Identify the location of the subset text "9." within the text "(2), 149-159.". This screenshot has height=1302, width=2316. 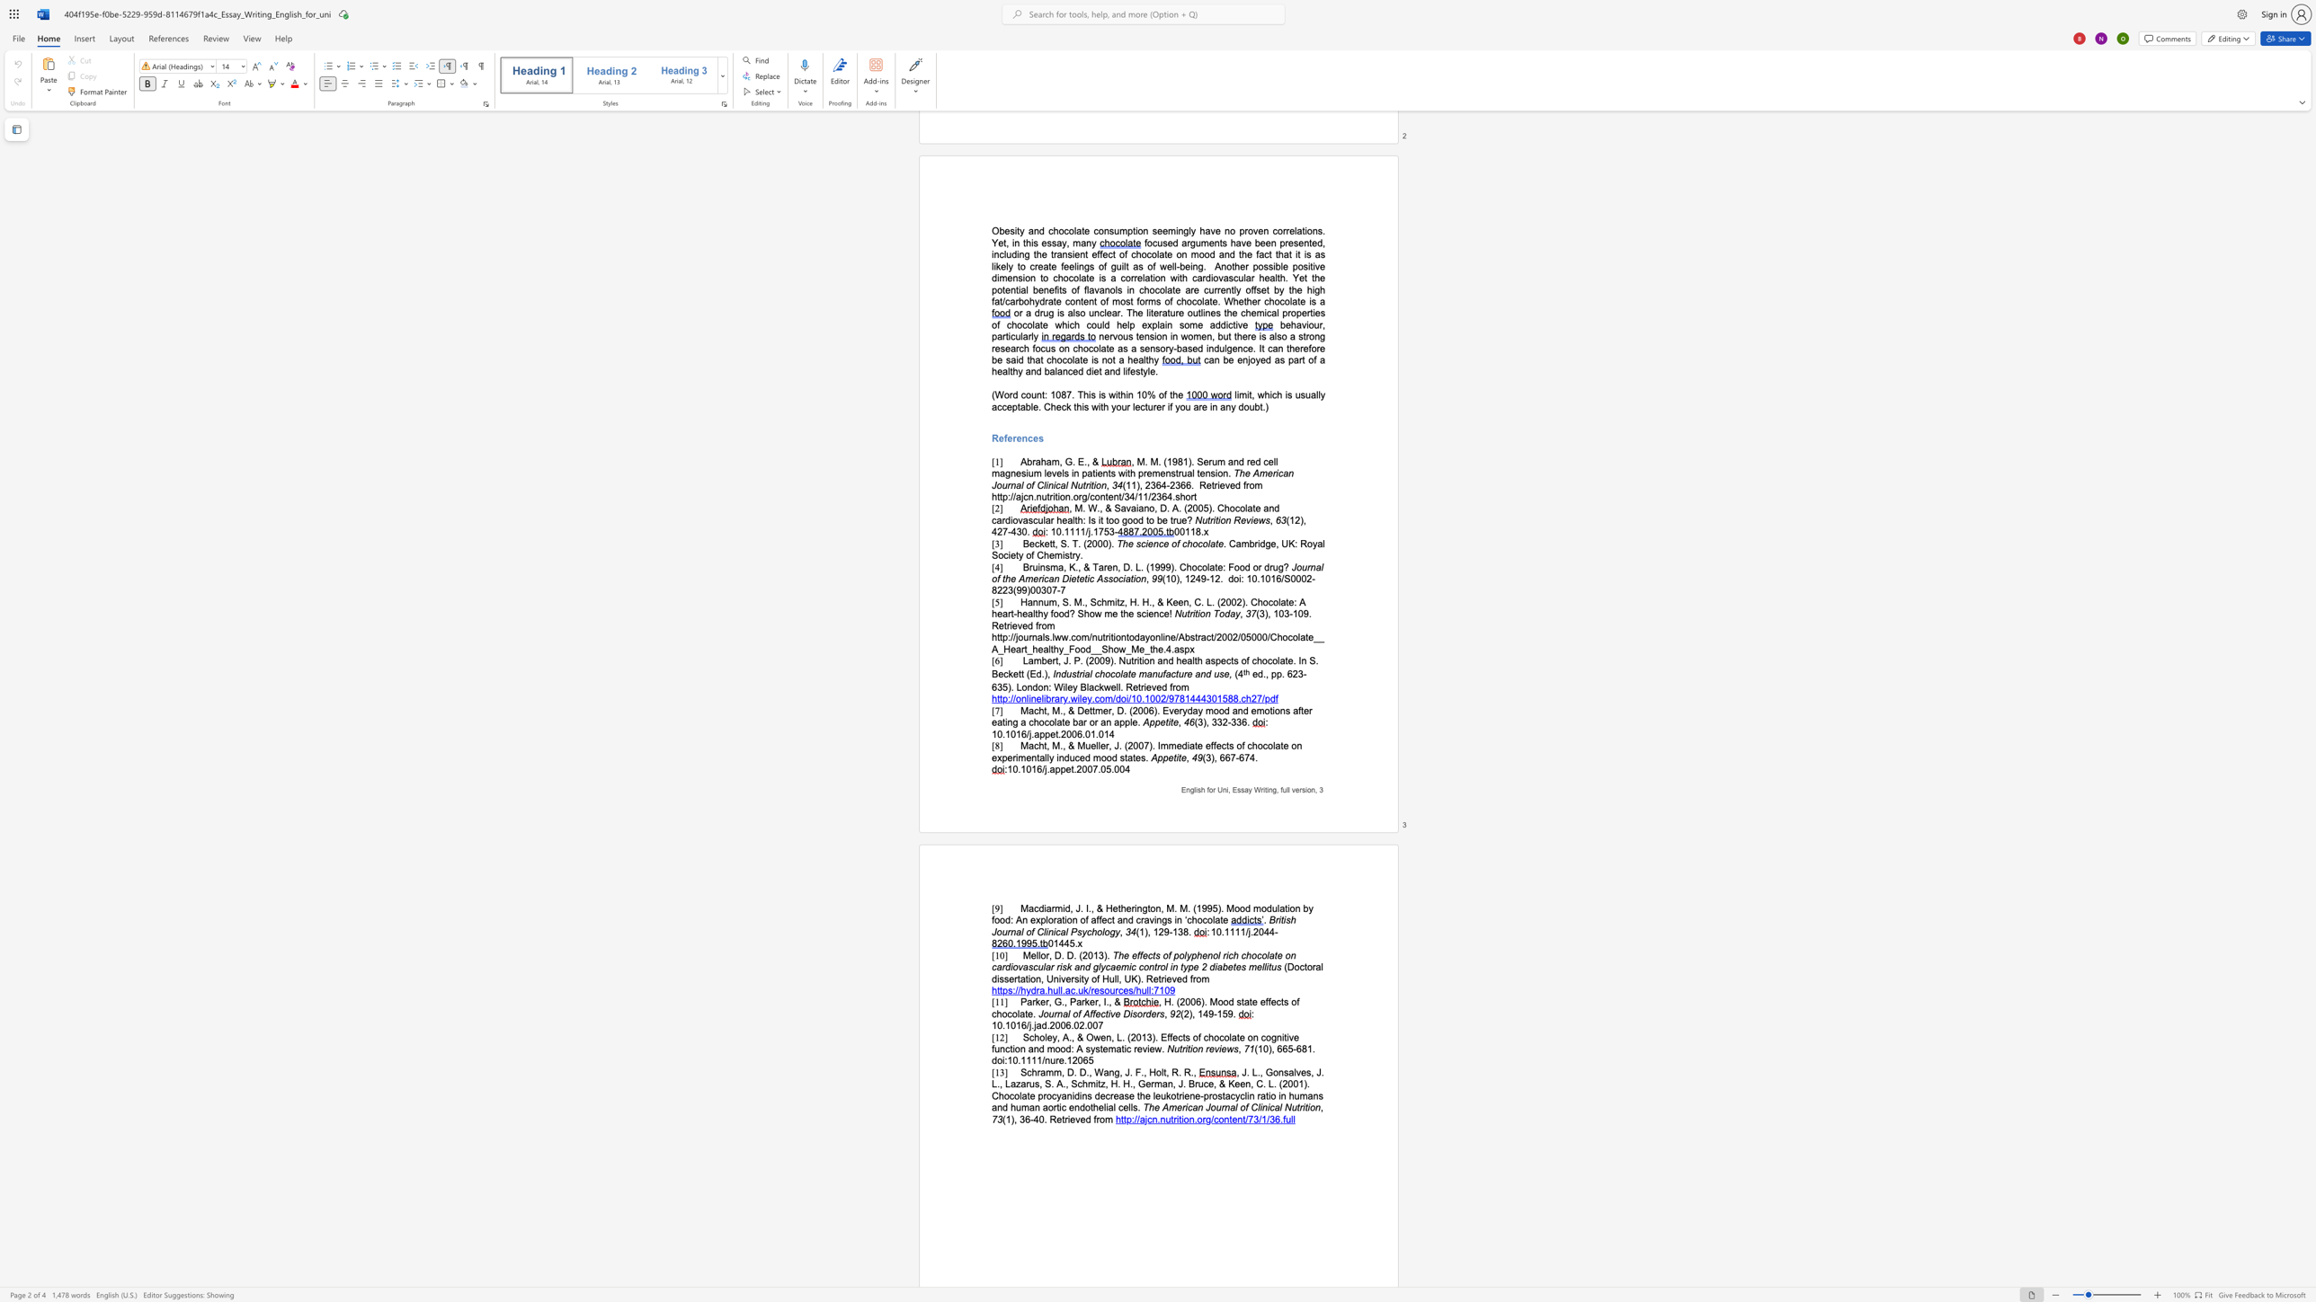
(1226, 1014).